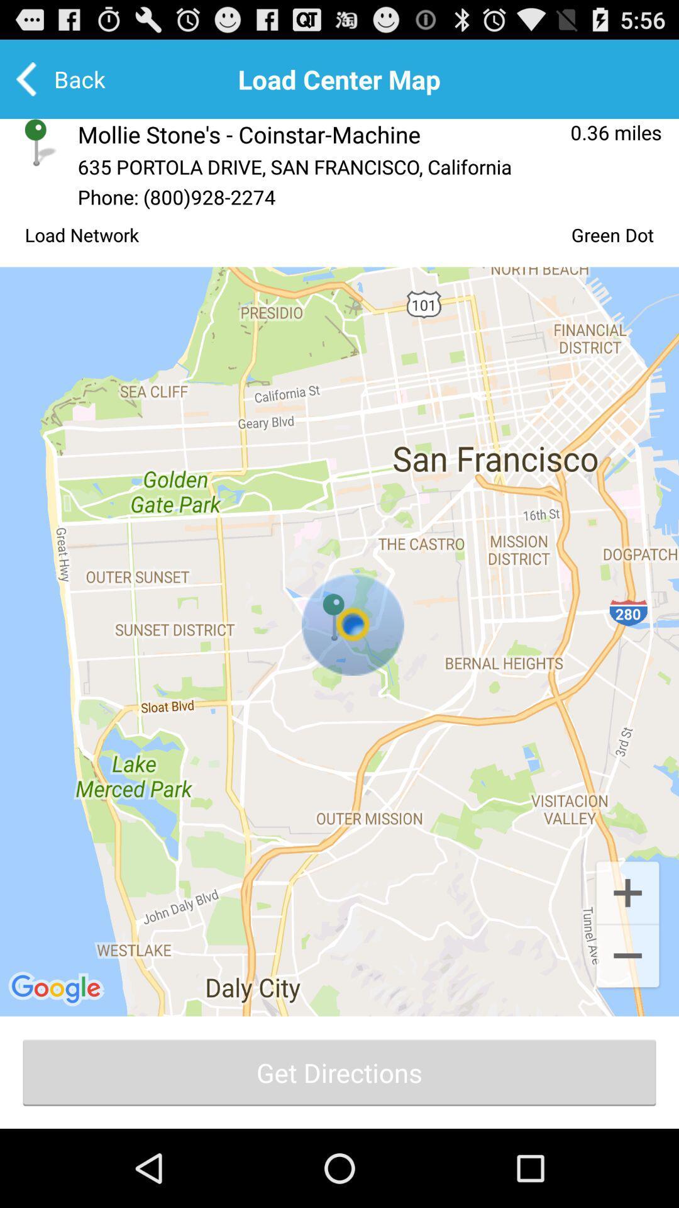  Describe the element at coordinates (627, 954) in the screenshot. I see `the add icon` at that location.